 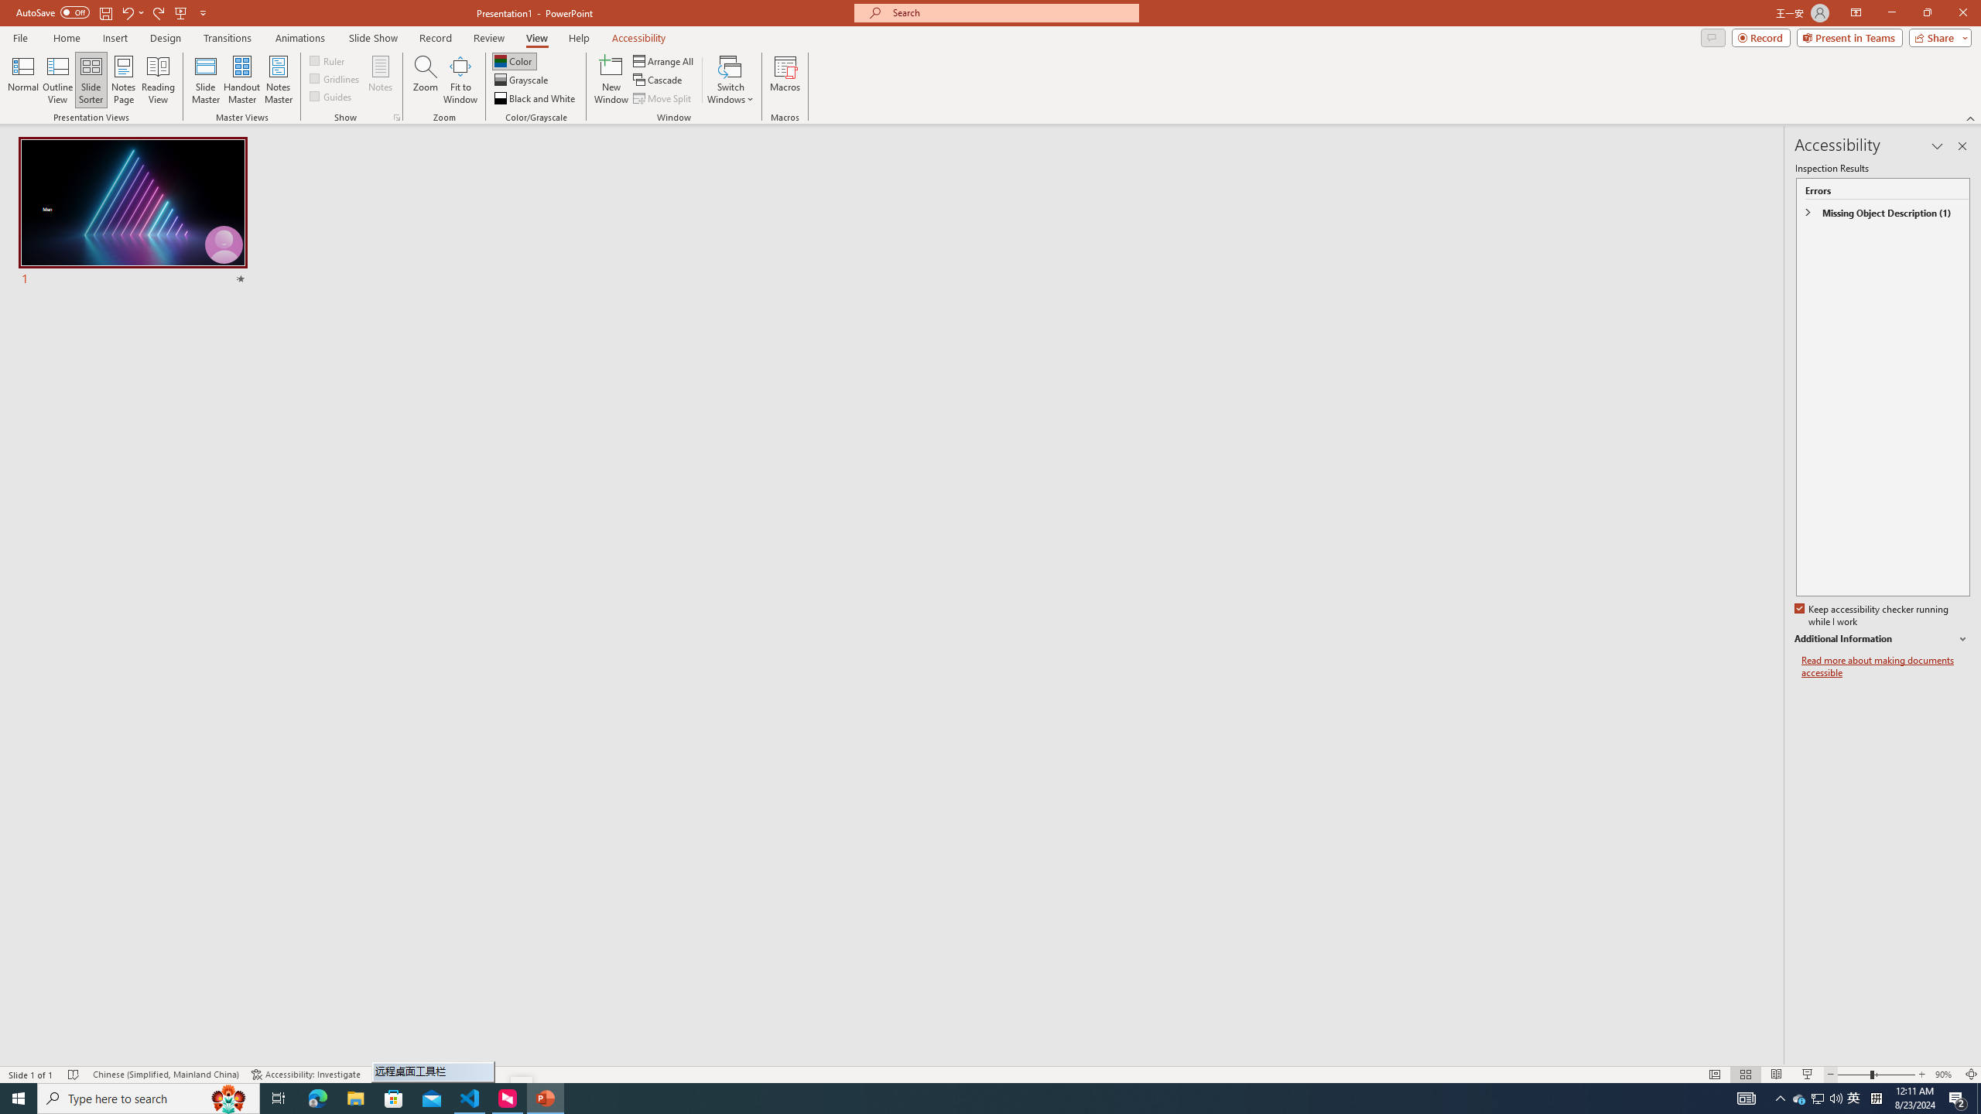 What do you see at coordinates (331, 94) in the screenshot?
I see `'Guides'` at bounding box center [331, 94].